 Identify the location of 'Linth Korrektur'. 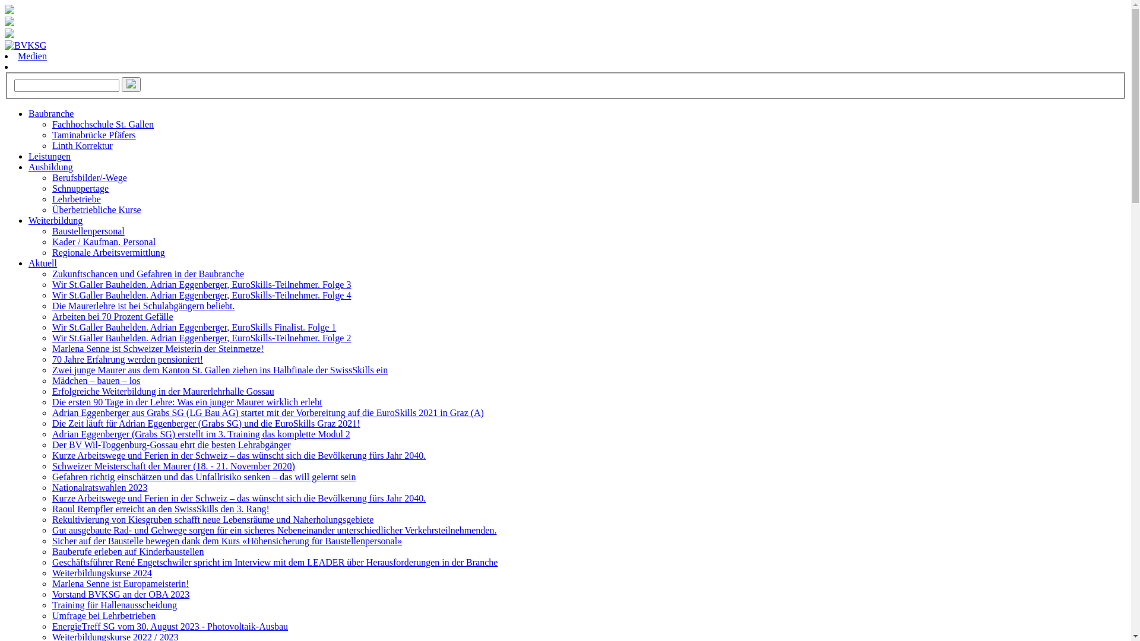
(82, 145).